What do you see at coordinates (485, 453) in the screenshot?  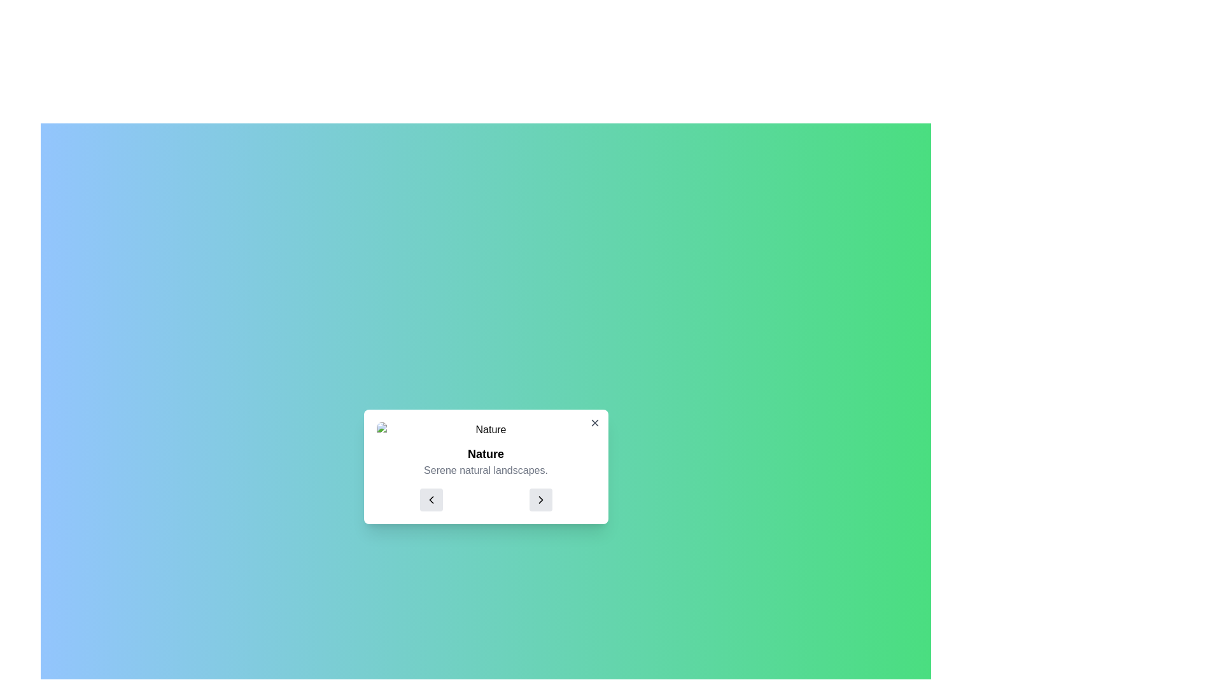 I see `the Text Label that serves as the title or primary heading within its enclosing modal, located centrally beneath an image placeholder and above a descriptive text line` at bounding box center [485, 453].